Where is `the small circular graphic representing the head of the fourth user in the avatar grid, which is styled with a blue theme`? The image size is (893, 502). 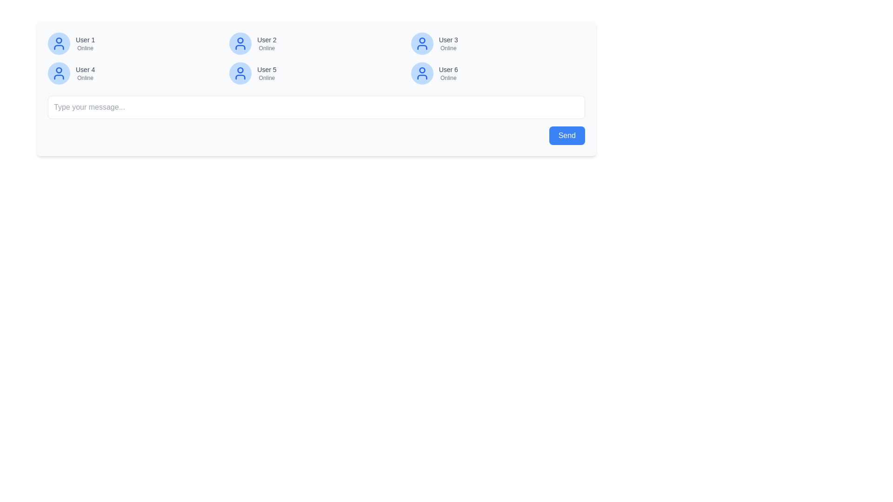 the small circular graphic representing the head of the fourth user in the avatar grid, which is styled with a blue theme is located at coordinates (58, 70).